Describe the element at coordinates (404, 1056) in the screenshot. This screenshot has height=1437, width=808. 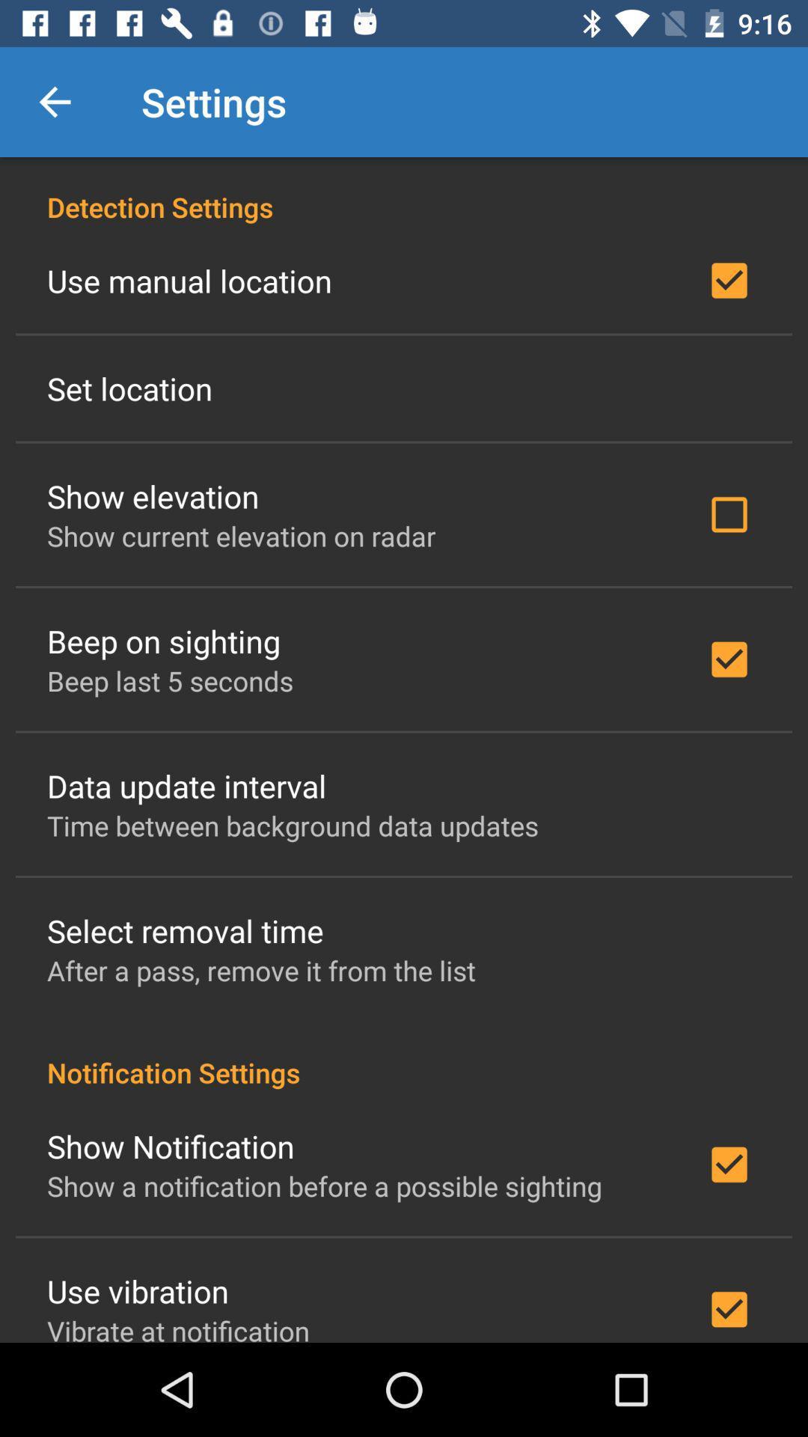
I see `the item below the after a pass icon` at that location.